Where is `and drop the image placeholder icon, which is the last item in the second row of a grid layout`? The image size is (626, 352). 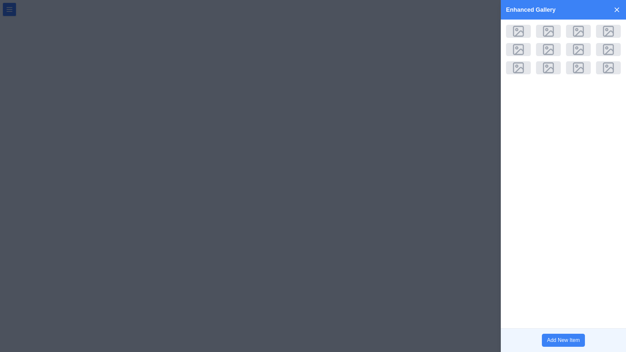 and drop the image placeholder icon, which is the last item in the second row of a grid layout is located at coordinates (608, 49).